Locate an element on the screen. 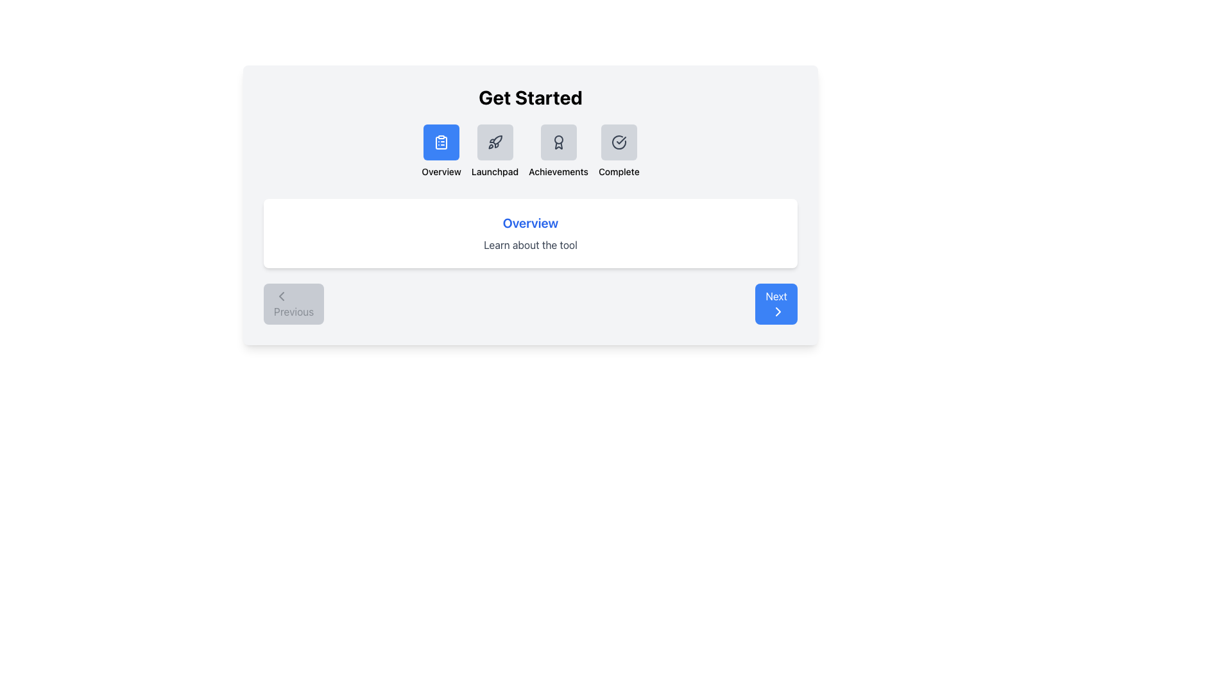  the fourth button with a gray background and a checkmark icon in the 'Get Started' section is located at coordinates (619, 142).